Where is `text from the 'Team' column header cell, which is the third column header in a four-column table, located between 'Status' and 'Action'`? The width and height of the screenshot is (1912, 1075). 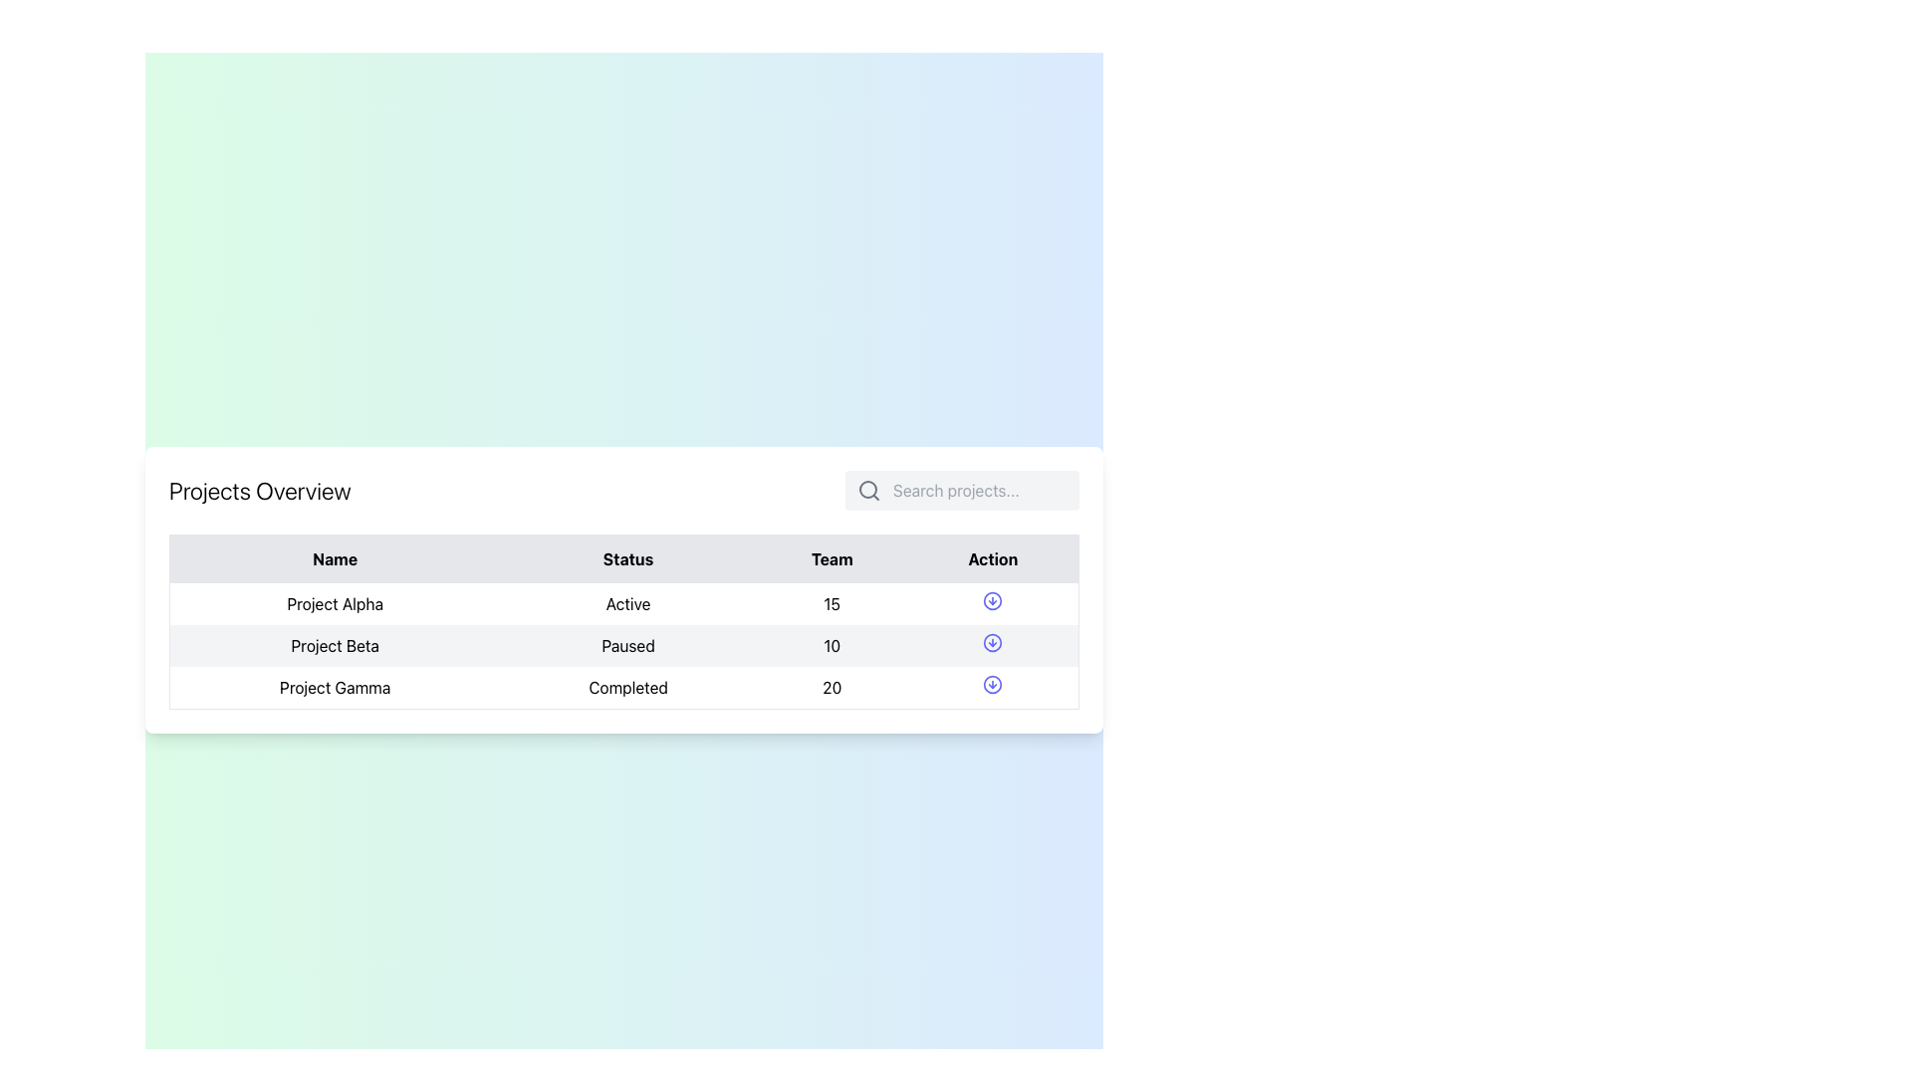 text from the 'Team' column header cell, which is the third column header in a four-column table, located between 'Status' and 'Action' is located at coordinates (832, 558).